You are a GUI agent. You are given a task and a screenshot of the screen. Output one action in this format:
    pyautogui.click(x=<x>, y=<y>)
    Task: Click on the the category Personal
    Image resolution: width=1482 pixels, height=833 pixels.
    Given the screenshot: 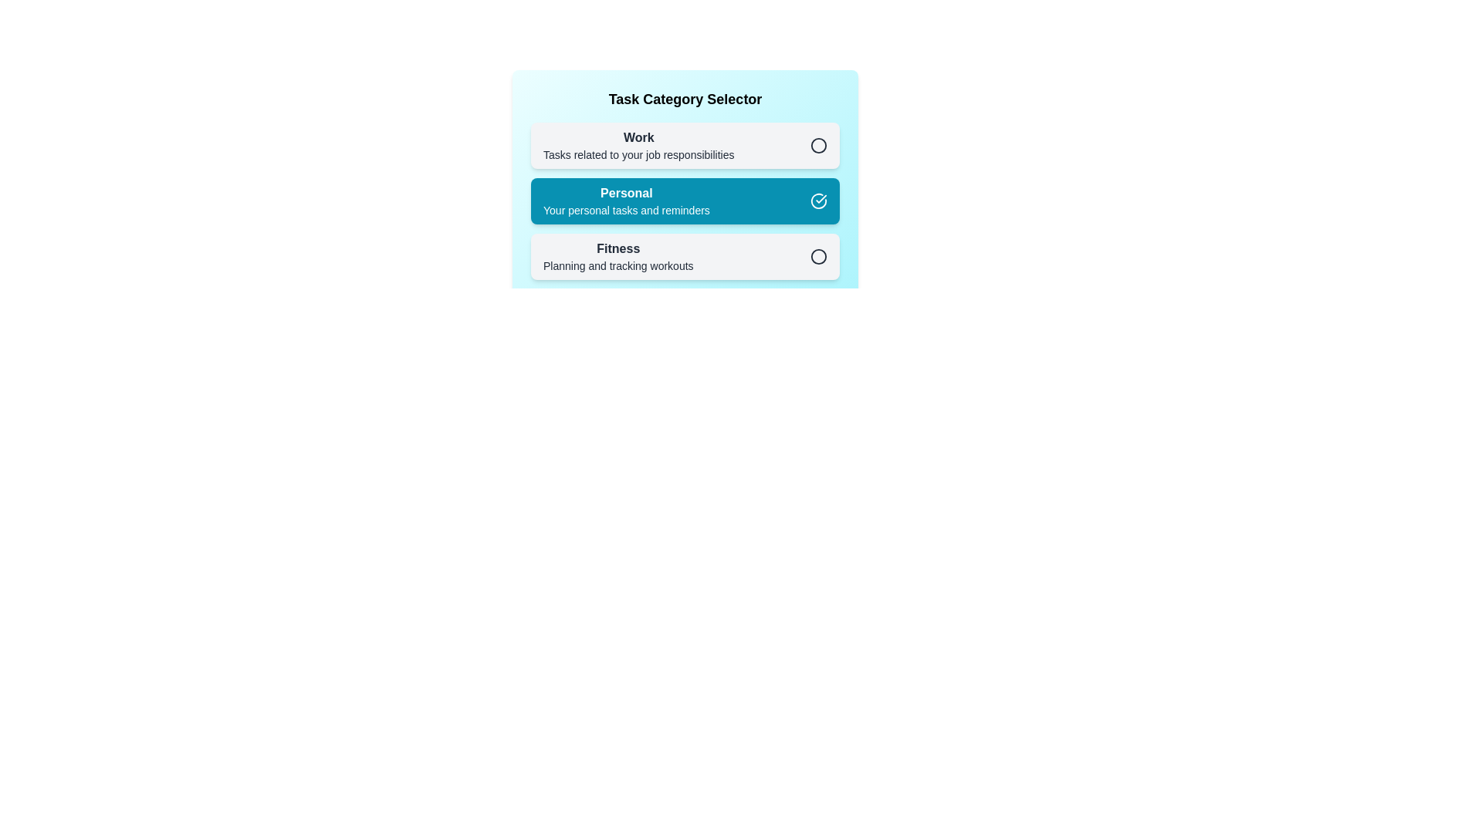 What is the action you would take?
    pyautogui.click(x=685, y=201)
    